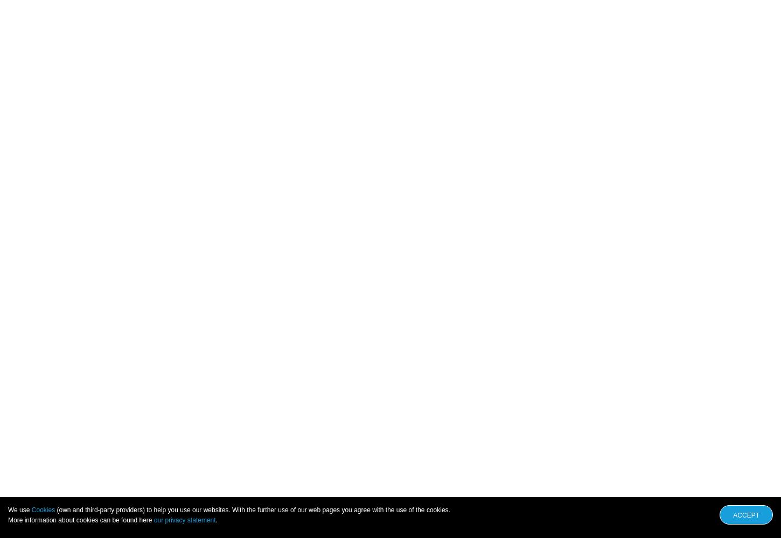  Describe the element at coordinates (19, 509) in the screenshot. I see `'We use'` at that location.